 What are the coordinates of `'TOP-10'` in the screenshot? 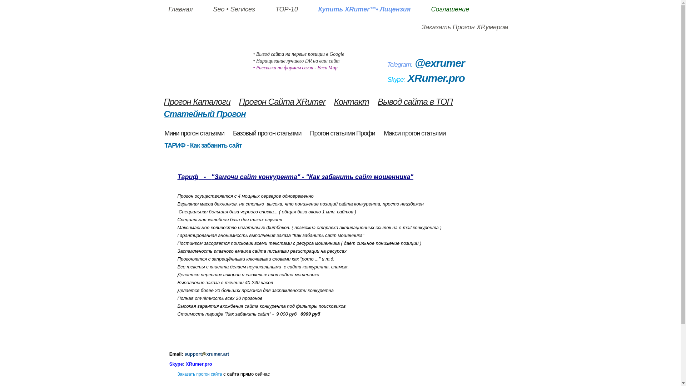 It's located at (287, 10).